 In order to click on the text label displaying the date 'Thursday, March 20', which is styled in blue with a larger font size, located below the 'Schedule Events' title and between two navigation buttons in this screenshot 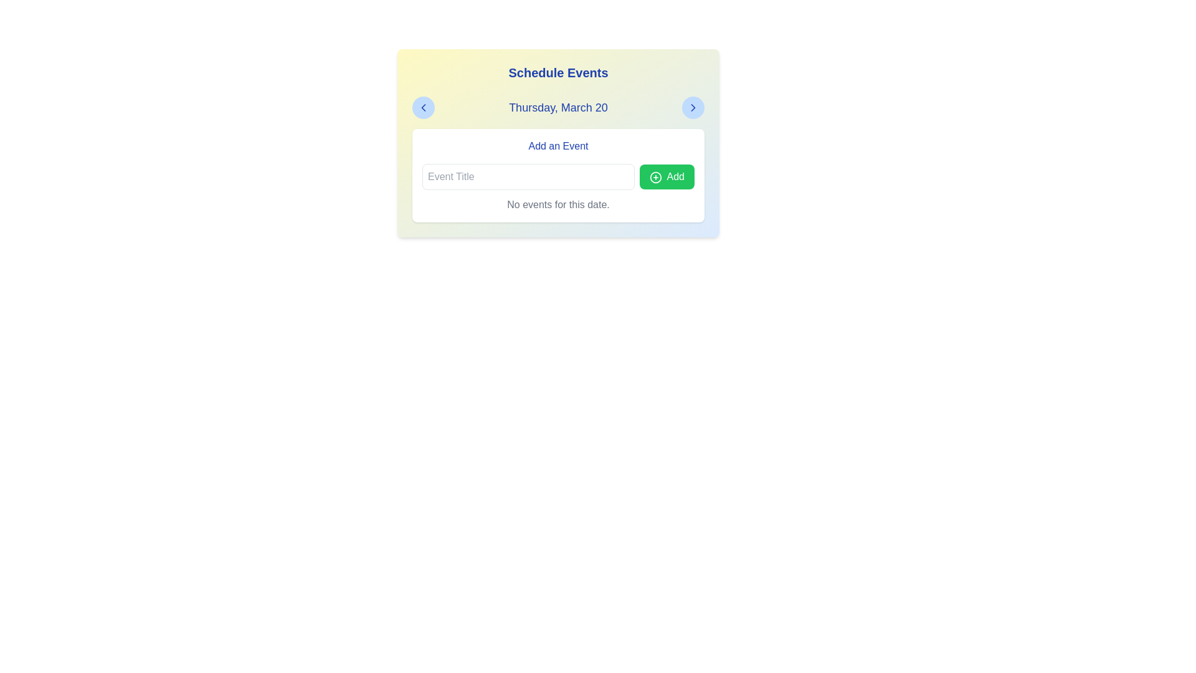, I will do `click(558, 107)`.